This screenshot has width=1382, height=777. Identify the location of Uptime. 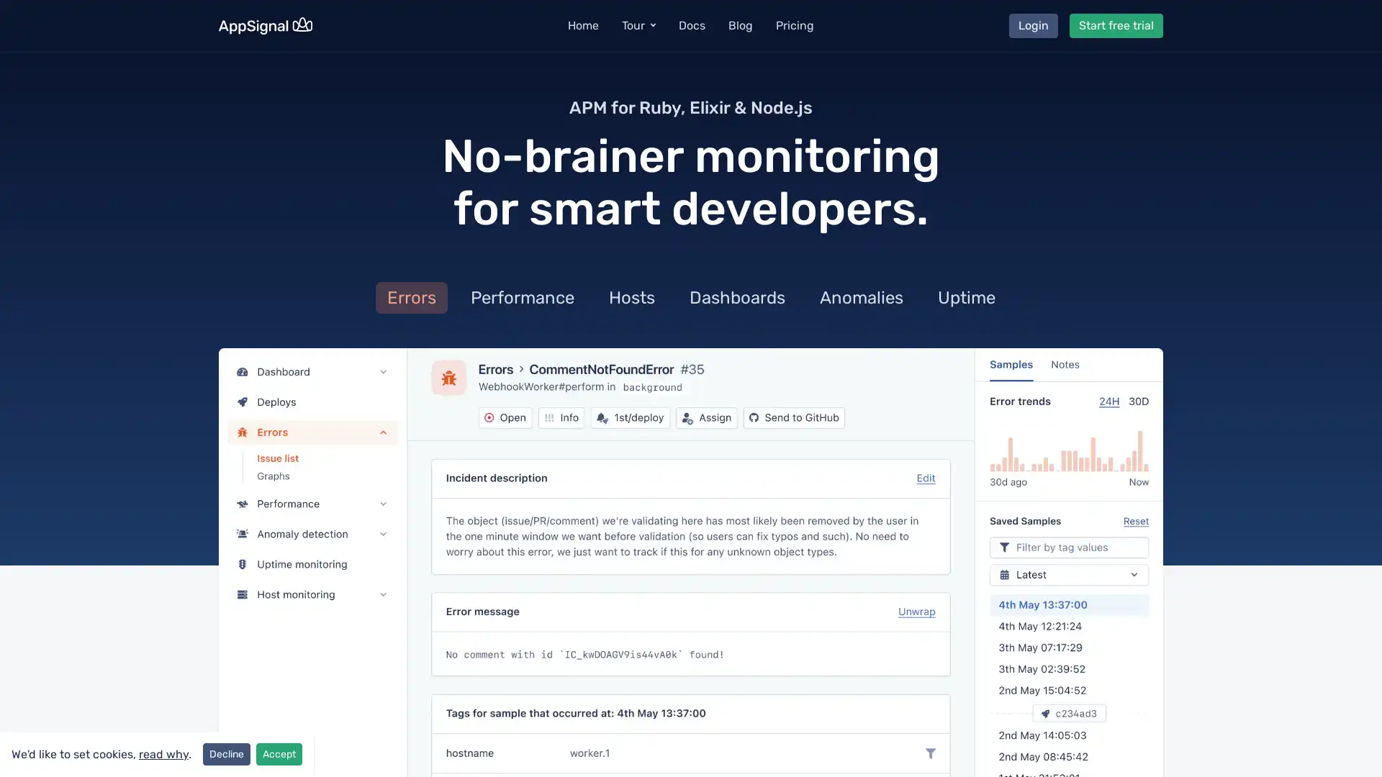
(966, 296).